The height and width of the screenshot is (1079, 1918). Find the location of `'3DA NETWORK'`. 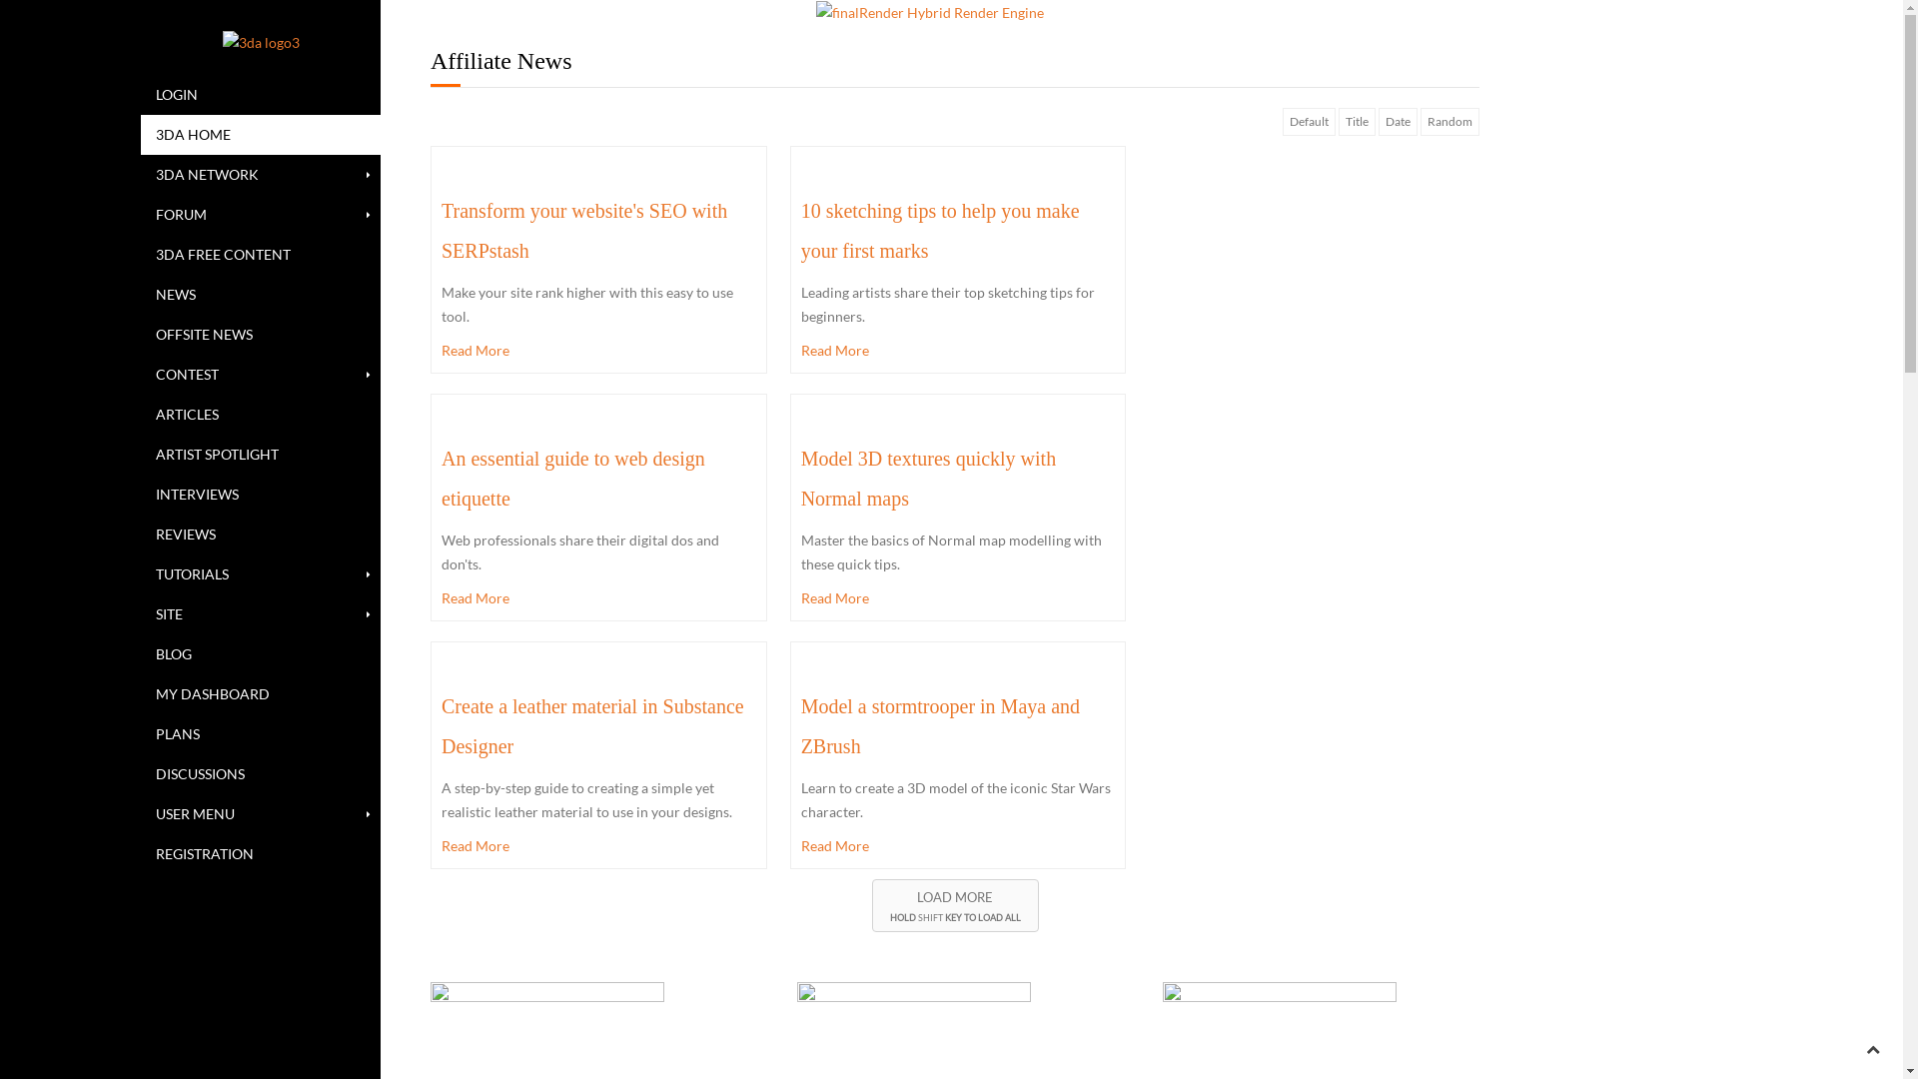

'3DA NETWORK' is located at coordinates (259, 173).